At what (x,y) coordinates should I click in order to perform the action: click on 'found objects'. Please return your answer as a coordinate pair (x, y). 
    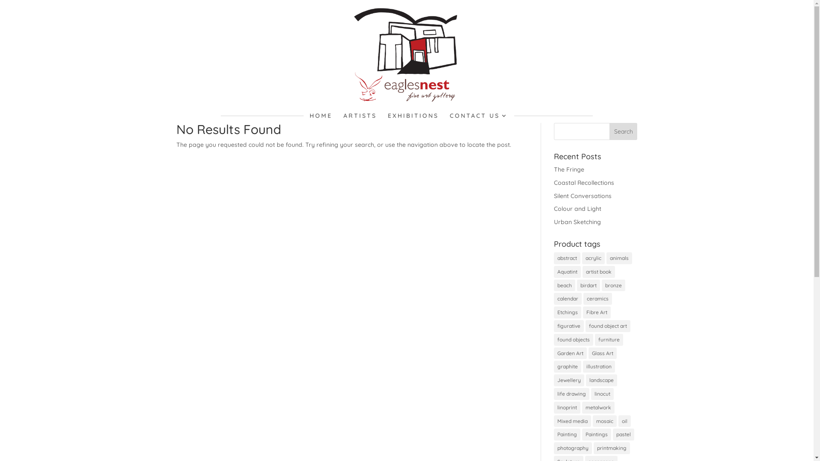
    Looking at the image, I should click on (553, 339).